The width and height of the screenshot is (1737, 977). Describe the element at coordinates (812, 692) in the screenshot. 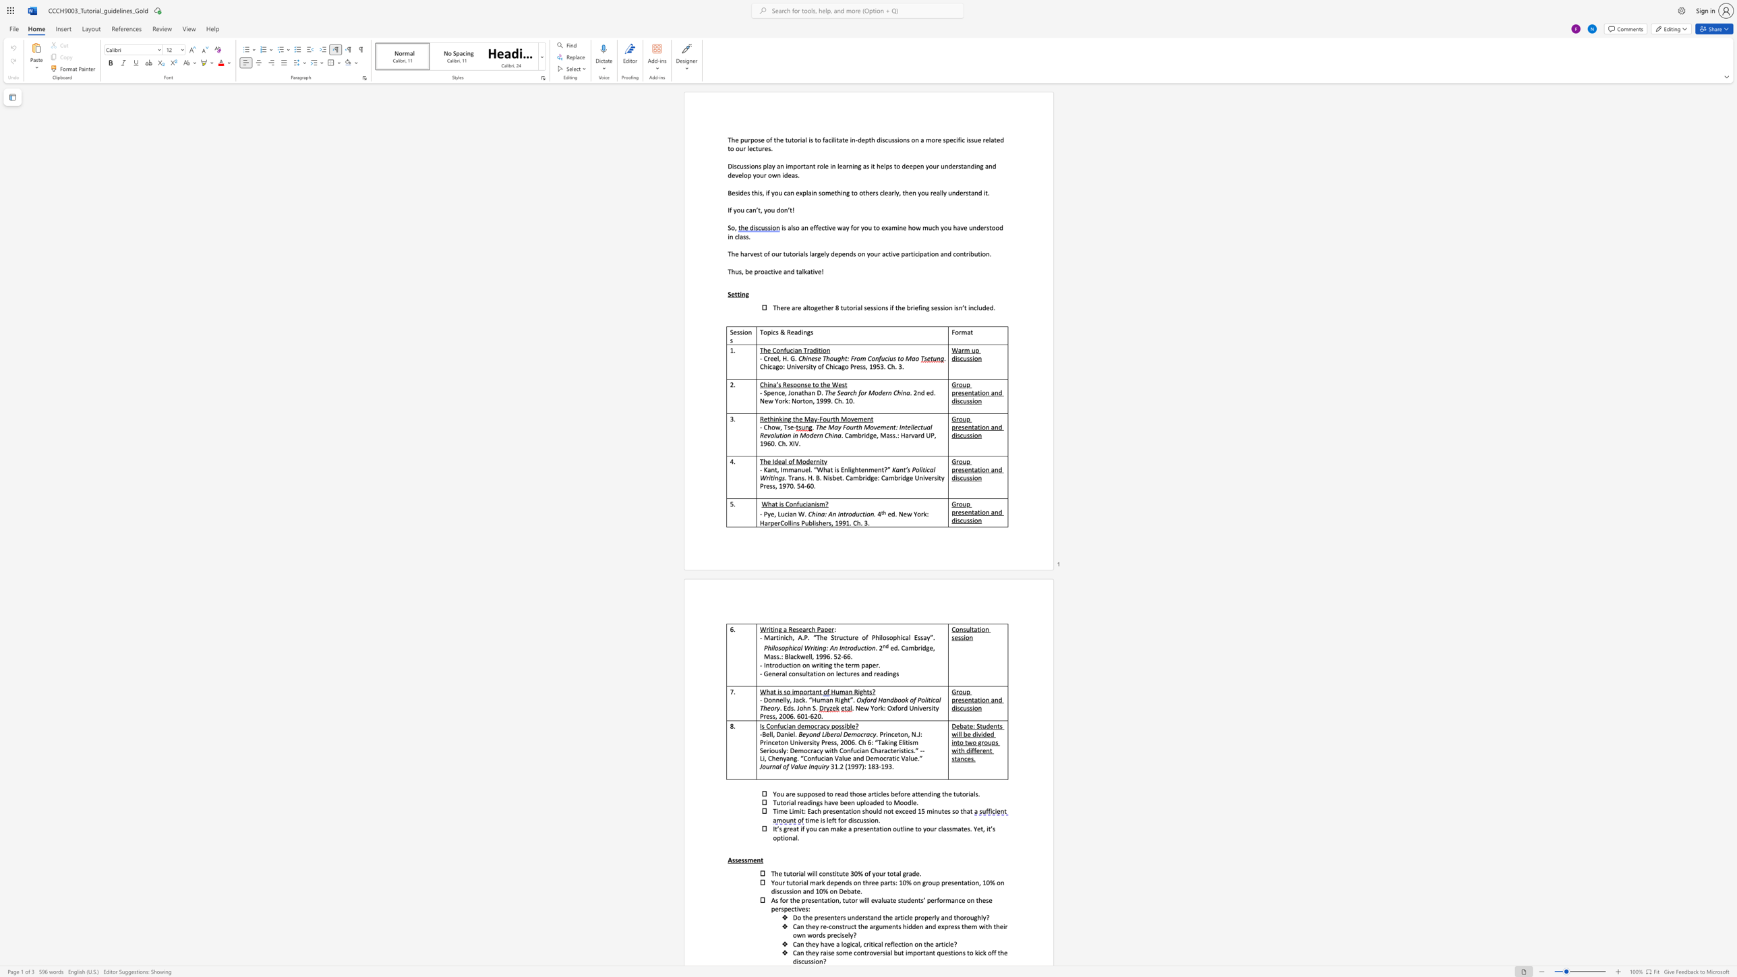

I see `the subset text "an" within the text "What is so important"` at that location.